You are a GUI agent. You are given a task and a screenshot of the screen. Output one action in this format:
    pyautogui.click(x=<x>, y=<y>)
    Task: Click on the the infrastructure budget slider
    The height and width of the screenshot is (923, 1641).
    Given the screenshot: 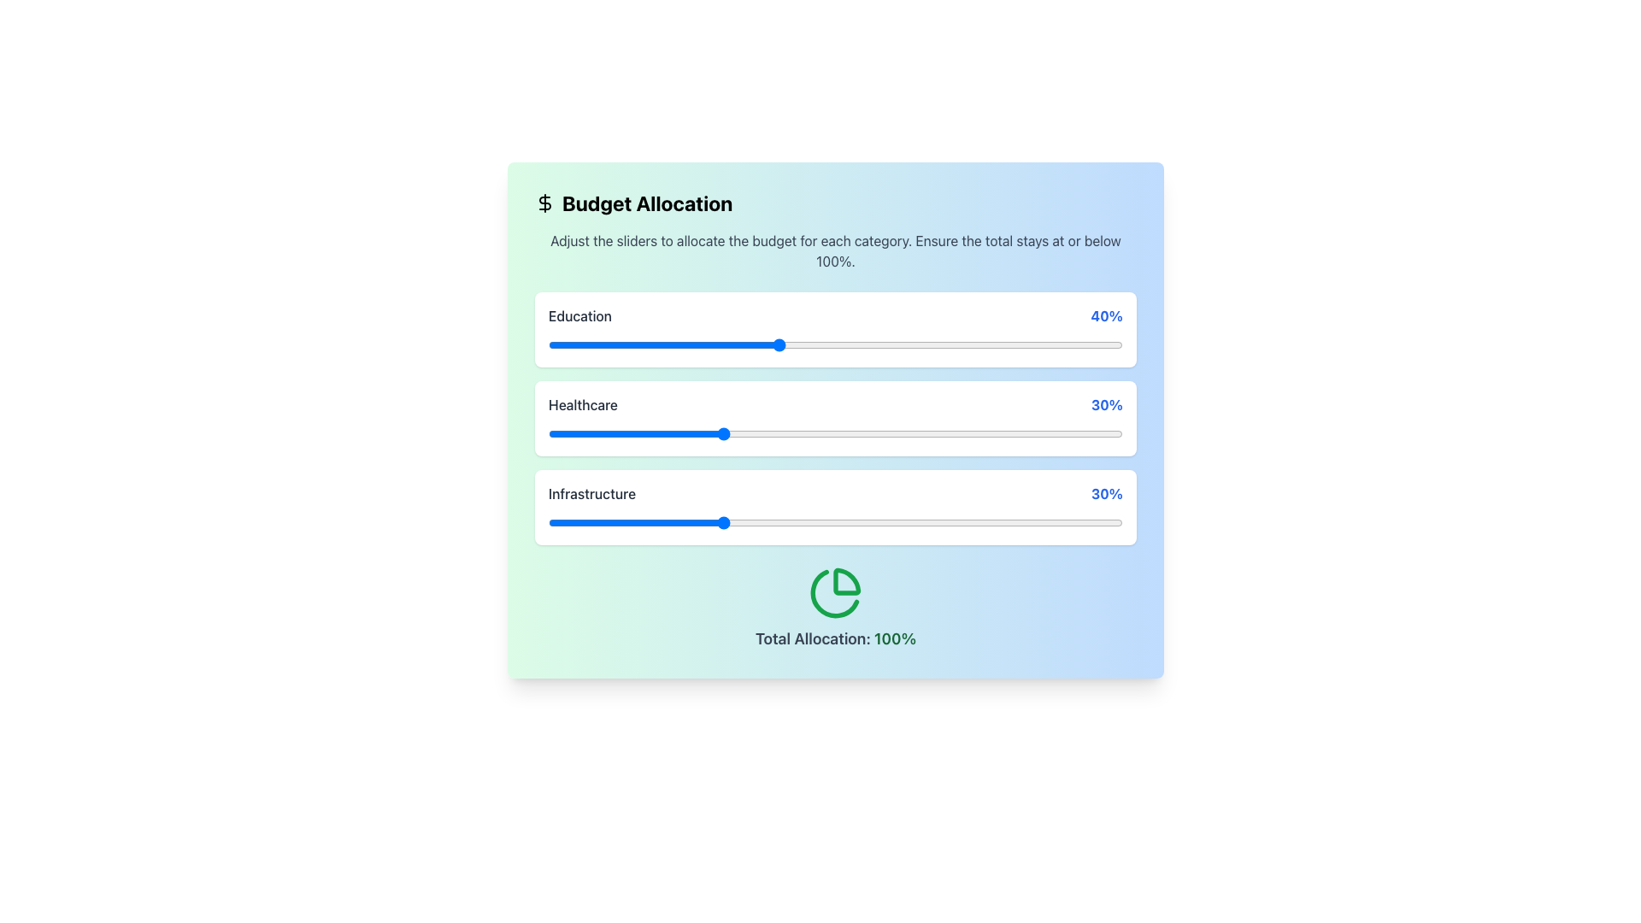 What is the action you would take?
    pyautogui.click(x=1064, y=522)
    